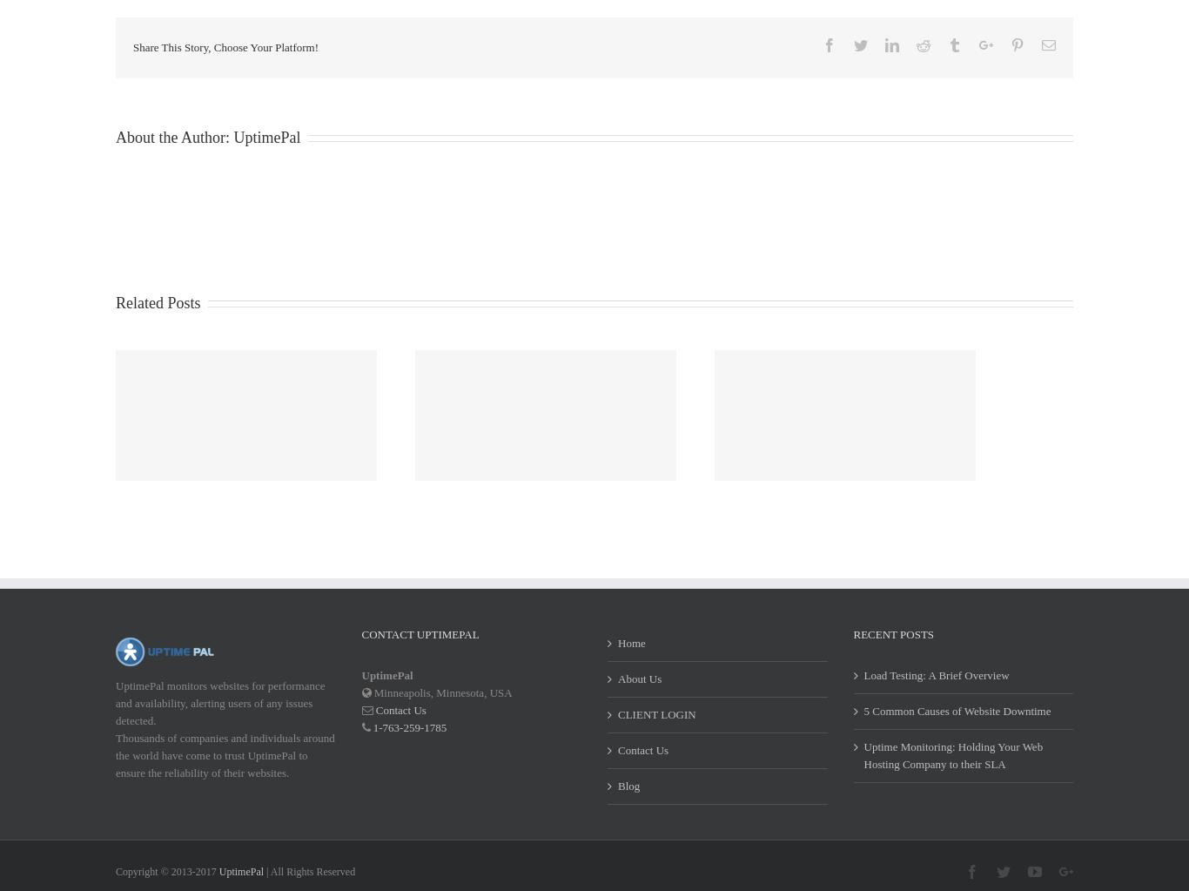 This screenshot has width=1189, height=891. I want to click on 'Share This Story, Choose Your Platform!', so click(225, 69).